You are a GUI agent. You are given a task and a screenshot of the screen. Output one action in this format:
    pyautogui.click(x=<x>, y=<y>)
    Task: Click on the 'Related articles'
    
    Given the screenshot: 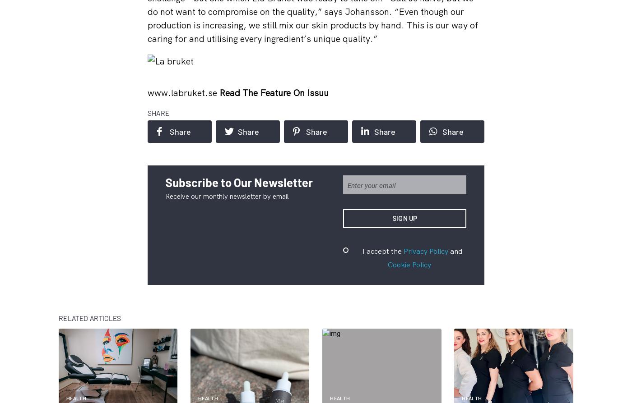 What is the action you would take?
    pyautogui.click(x=89, y=317)
    